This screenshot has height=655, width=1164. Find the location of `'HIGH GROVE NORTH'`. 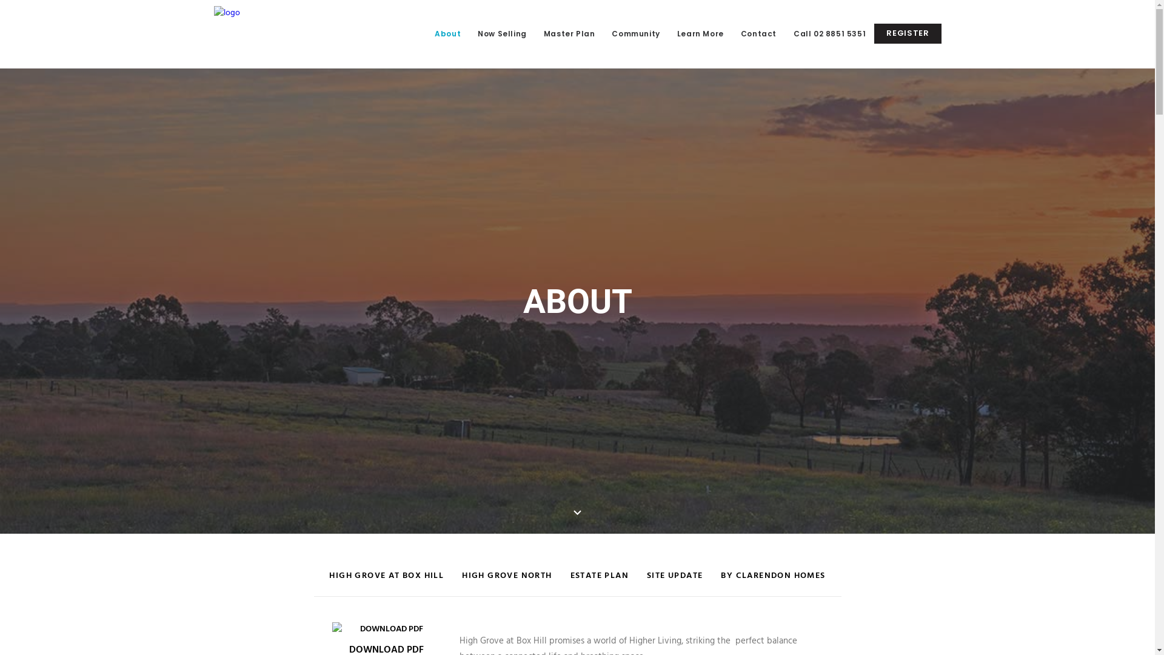

'HIGH GROVE NORTH' is located at coordinates (506, 582).